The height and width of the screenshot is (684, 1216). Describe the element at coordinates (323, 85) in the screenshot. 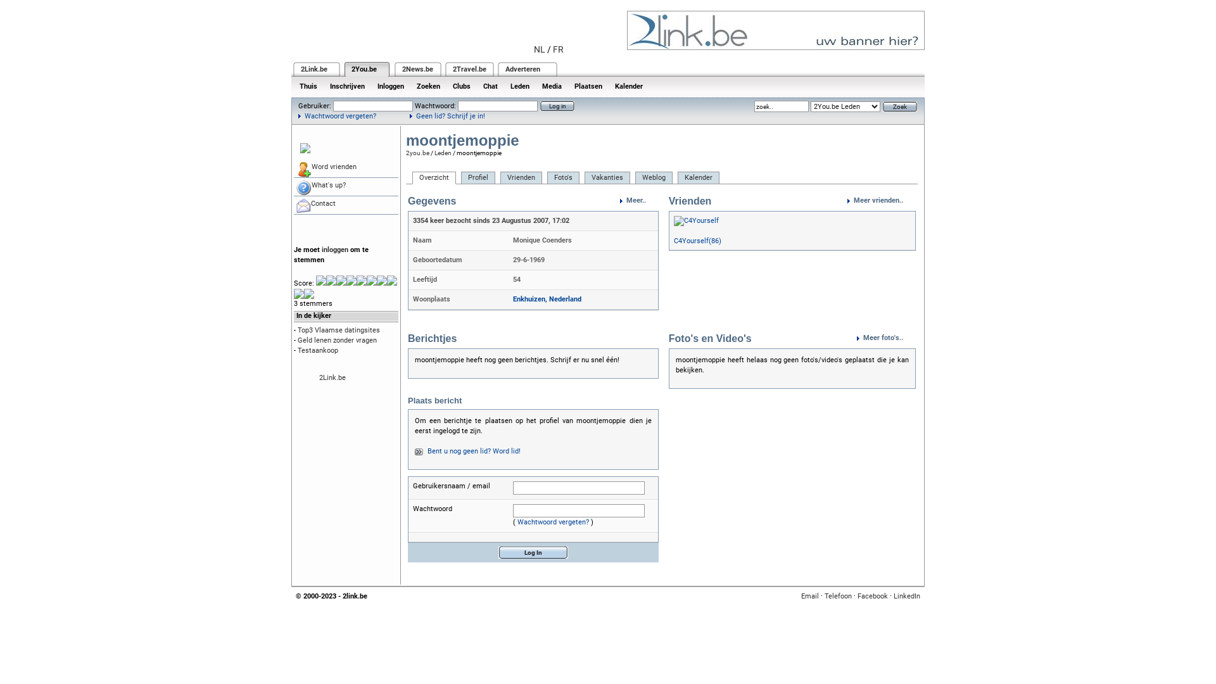

I see `'Inschrijven'` at that location.